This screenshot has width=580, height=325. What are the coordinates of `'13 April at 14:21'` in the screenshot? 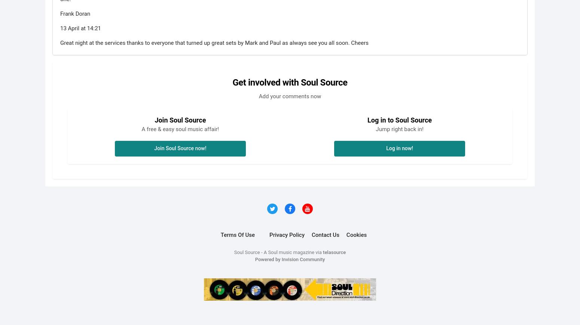 It's located at (80, 27).